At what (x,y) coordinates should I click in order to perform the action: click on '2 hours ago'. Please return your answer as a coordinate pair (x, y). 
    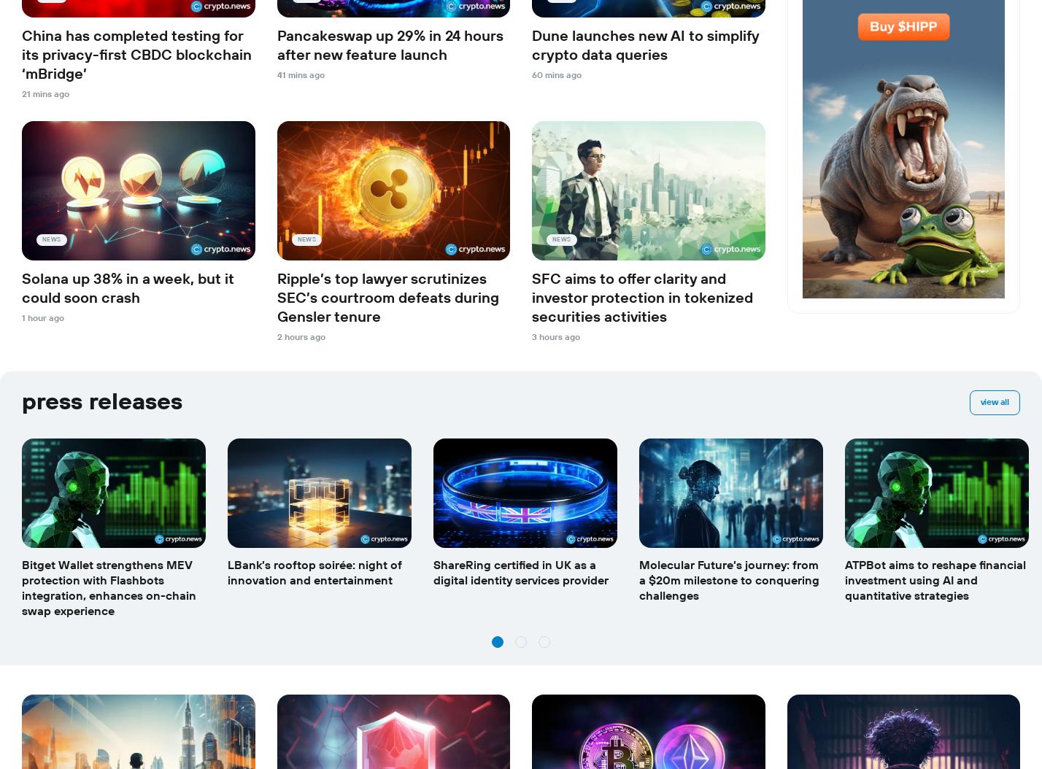
    Looking at the image, I should click on (299, 336).